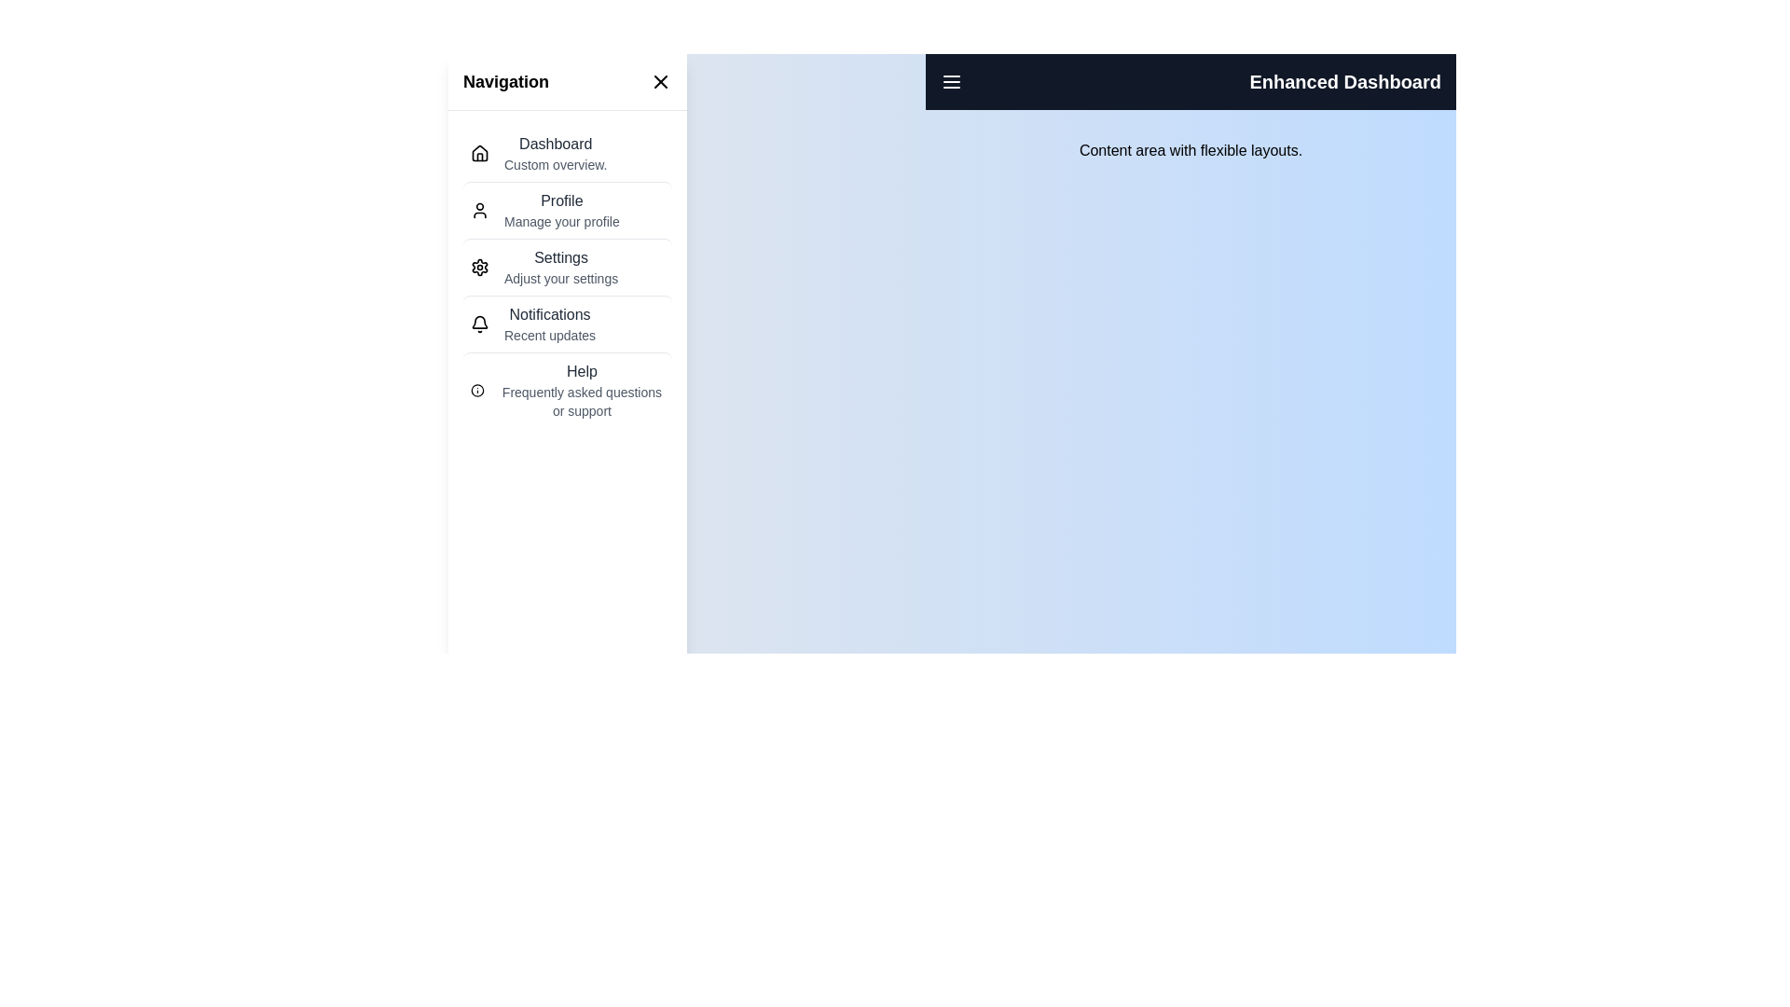 The width and height of the screenshot is (1790, 1007). I want to click on the close or cancel icon, which is a small cross icon located at the top-right corner of the navigation sidebar, by clicking on it, so click(661, 81).